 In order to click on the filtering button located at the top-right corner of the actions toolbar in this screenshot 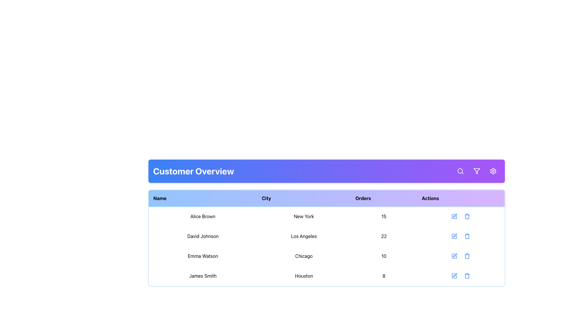, I will do `click(477, 171)`.